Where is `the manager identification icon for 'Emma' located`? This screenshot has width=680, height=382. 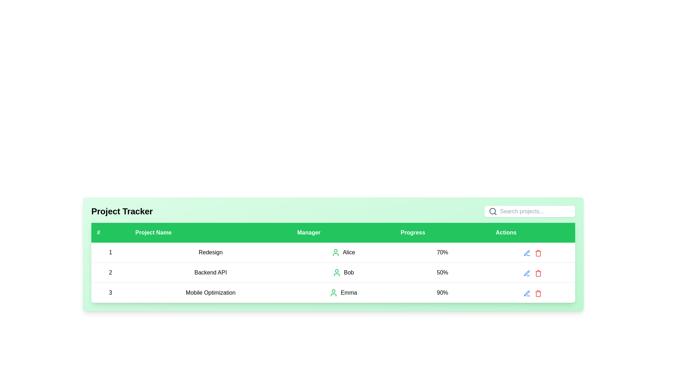
the manager identification icon for 'Emma' located is located at coordinates (333, 293).